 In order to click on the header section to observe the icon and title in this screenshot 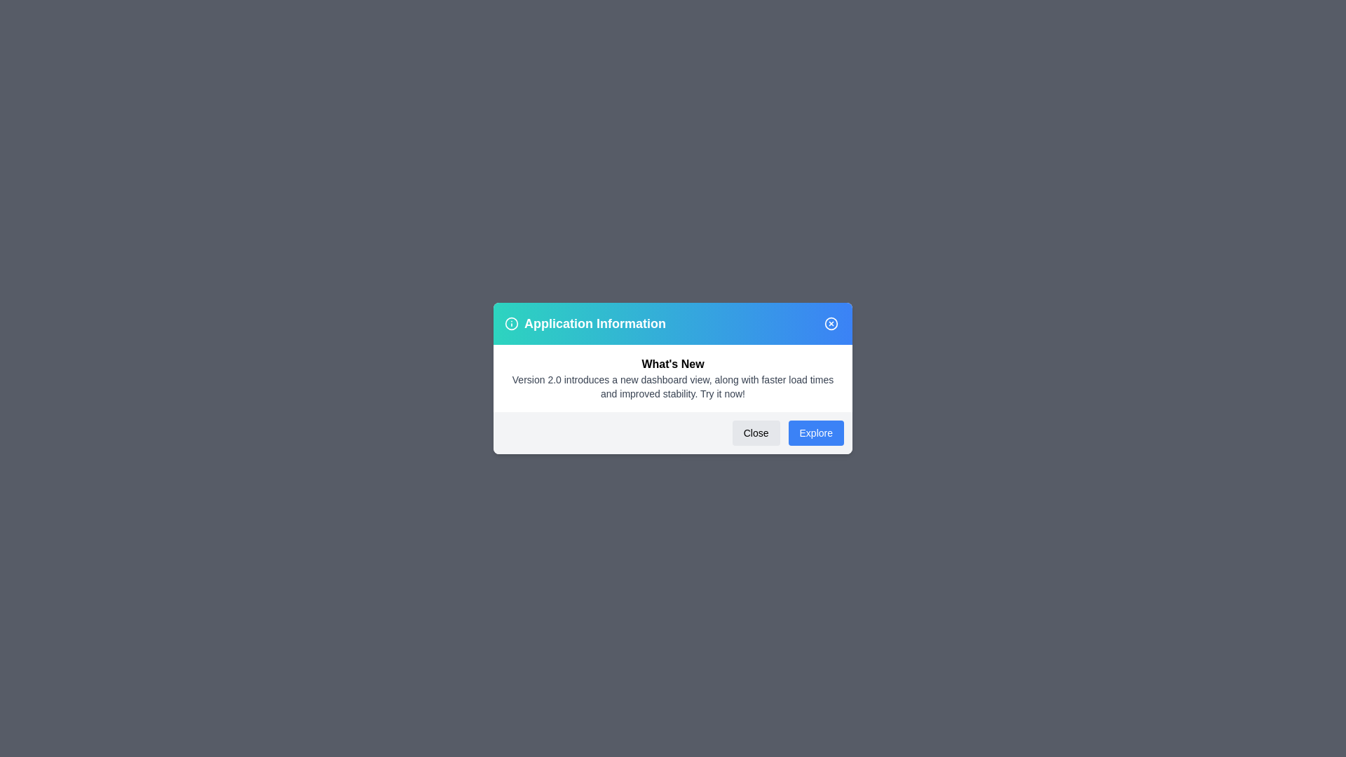, I will do `click(673, 324)`.